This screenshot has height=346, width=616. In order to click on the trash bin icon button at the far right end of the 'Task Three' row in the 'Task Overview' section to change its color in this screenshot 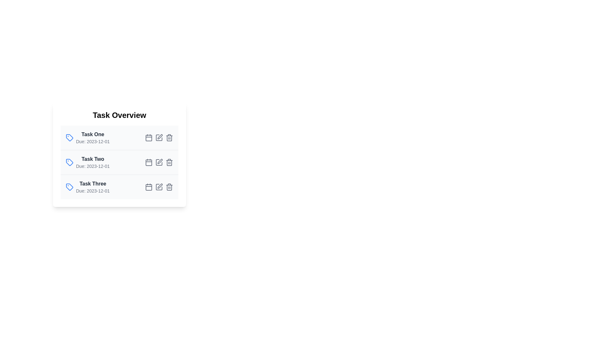, I will do `click(169, 187)`.